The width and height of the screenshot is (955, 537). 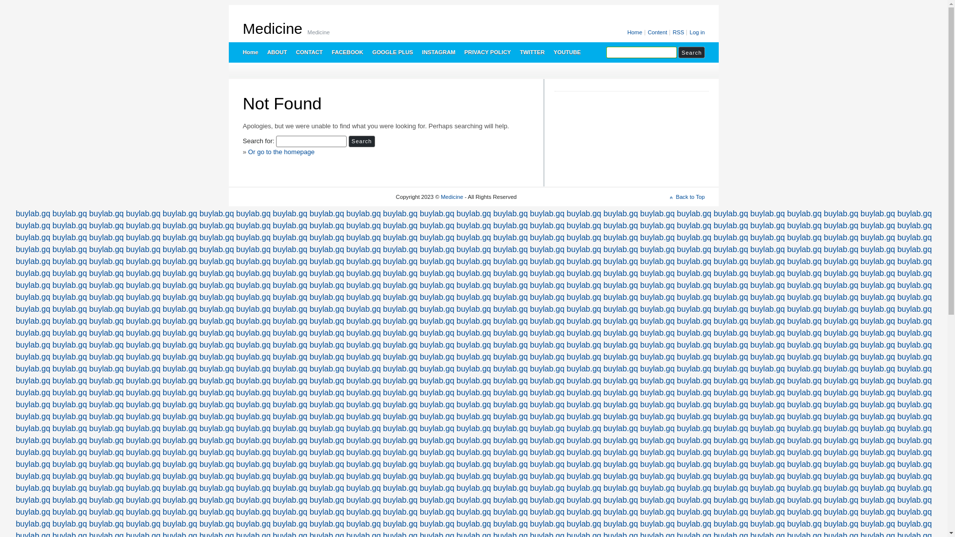 What do you see at coordinates (327, 52) in the screenshot?
I see `'FACEBOOK'` at bounding box center [327, 52].